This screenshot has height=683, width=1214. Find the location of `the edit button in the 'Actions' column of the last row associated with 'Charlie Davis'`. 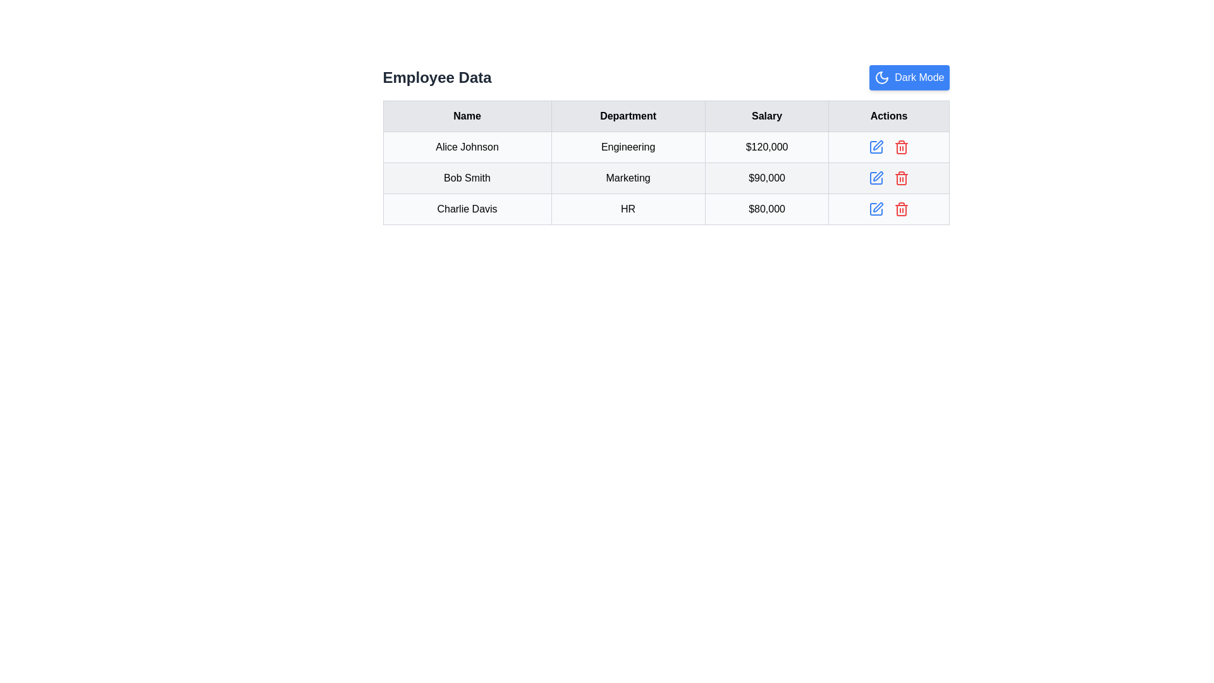

the edit button in the 'Actions' column of the last row associated with 'Charlie Davis' is located at coordinates (876, 209).